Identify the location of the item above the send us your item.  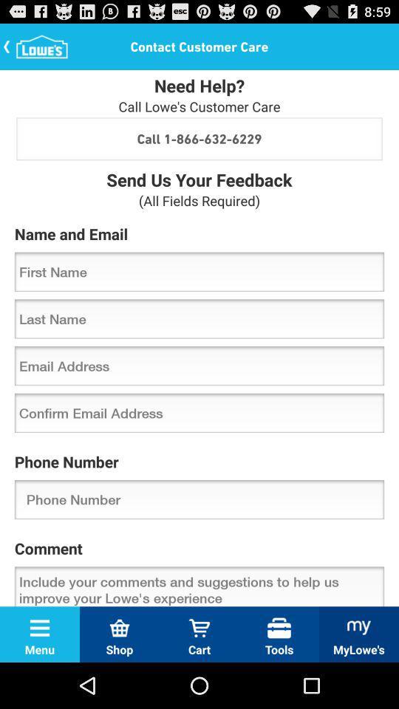
(199, 138).